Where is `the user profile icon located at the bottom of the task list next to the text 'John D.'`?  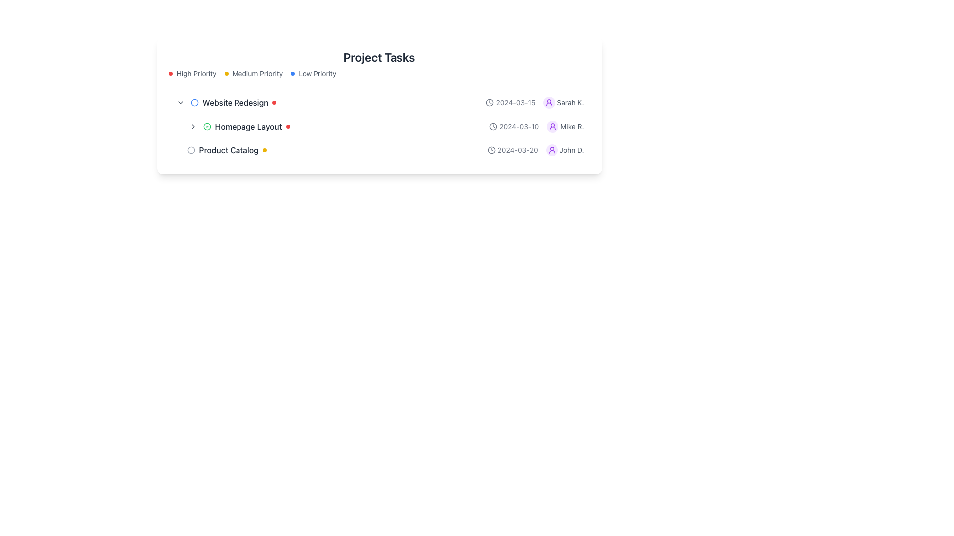
the user profile icon located at the bottom of the task list next to the text 'John D.' is located at coordinates (551, 150).